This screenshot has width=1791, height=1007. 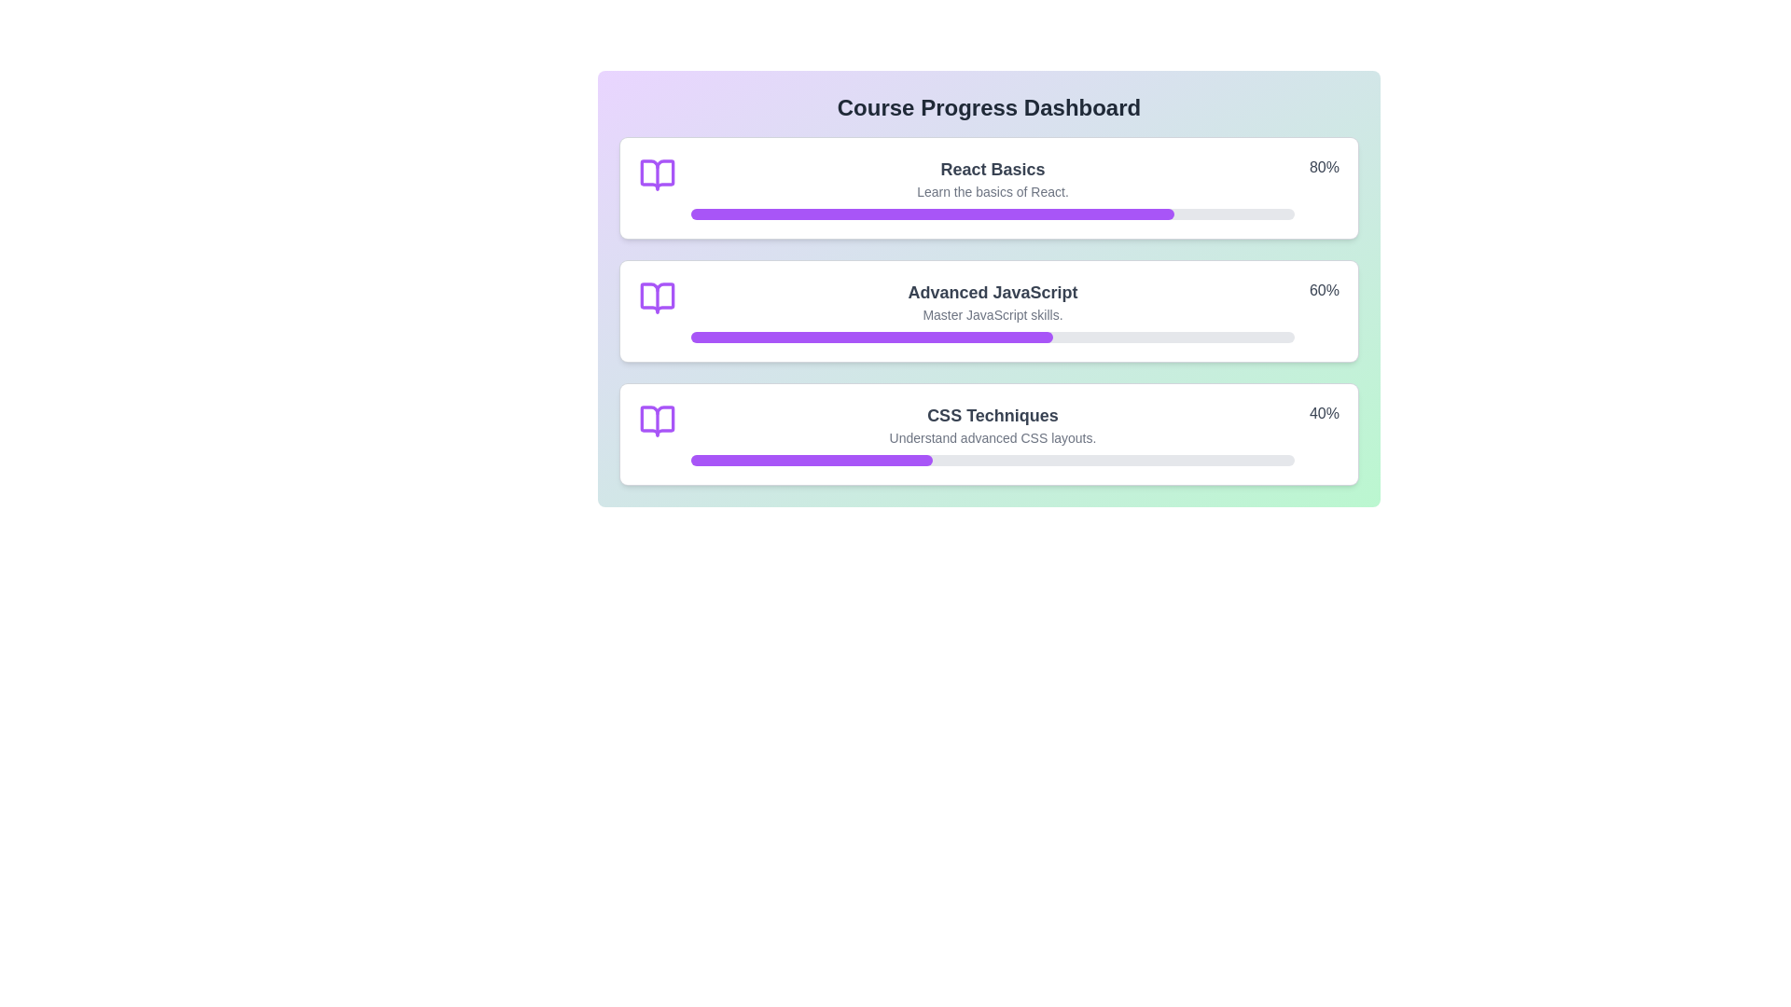 What do you see at coordinates (658, 421) in the screenshot?
I see `the CSS Techniques icon located in the third course card of the Course Progress Dashboard, positioned on the left side adjacent to the text content` at bounding box center [658, 421].